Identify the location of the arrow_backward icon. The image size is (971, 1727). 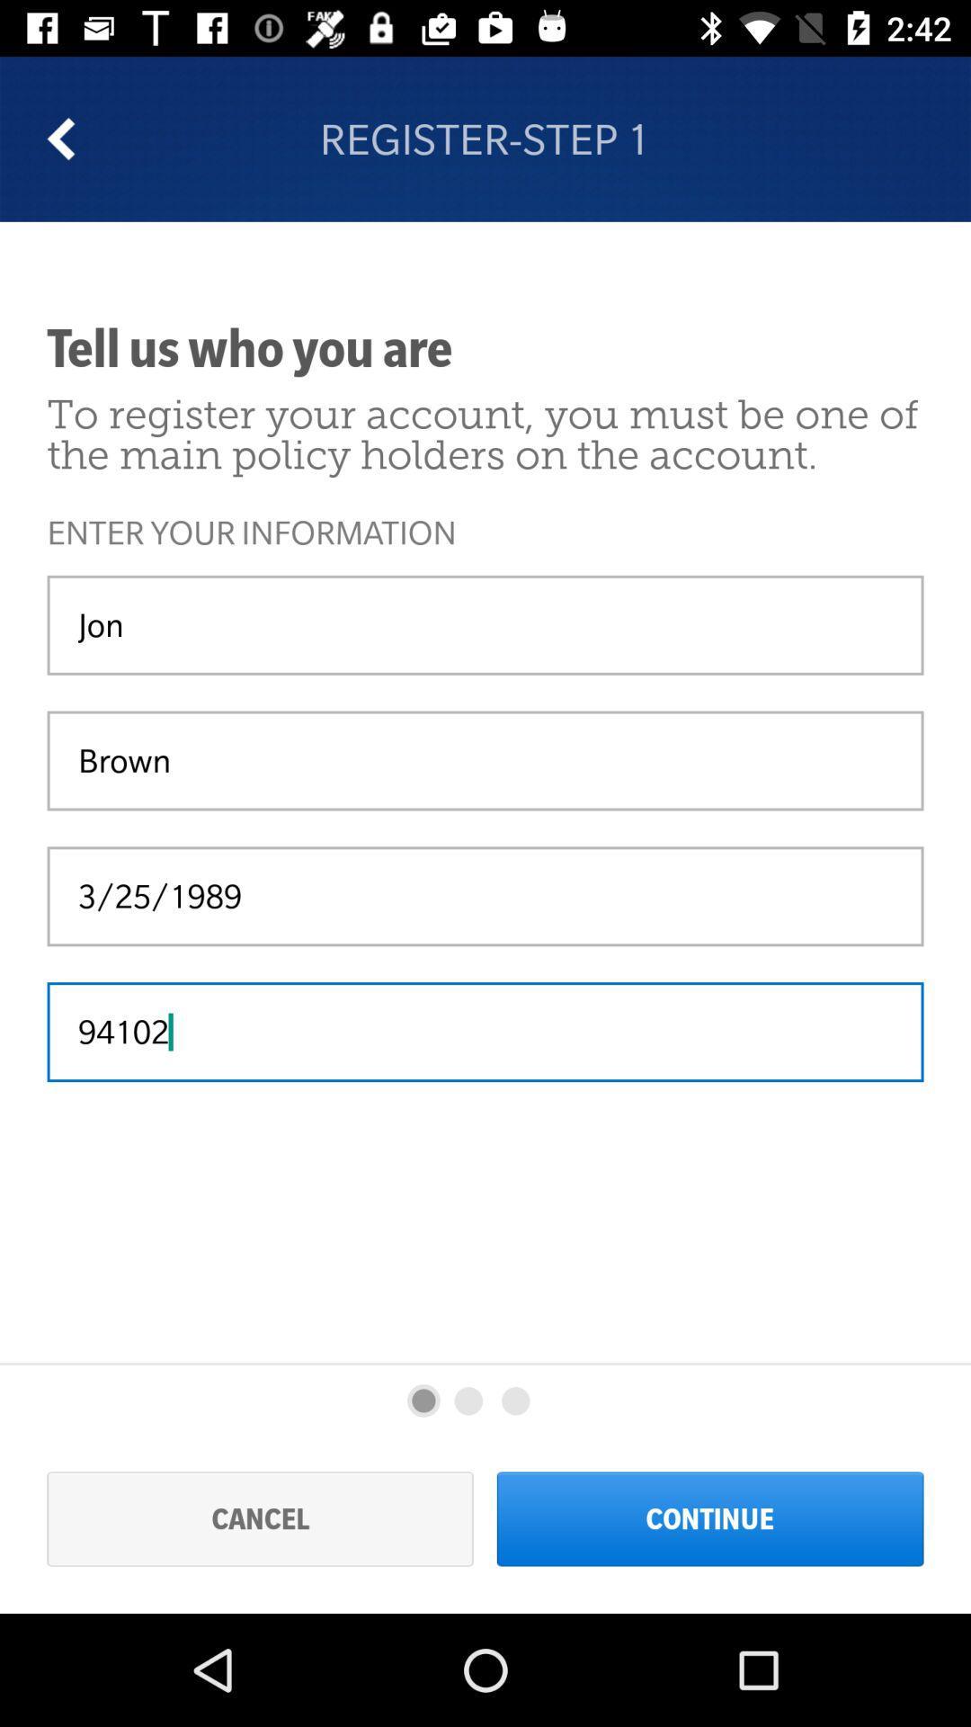
(72, 138).